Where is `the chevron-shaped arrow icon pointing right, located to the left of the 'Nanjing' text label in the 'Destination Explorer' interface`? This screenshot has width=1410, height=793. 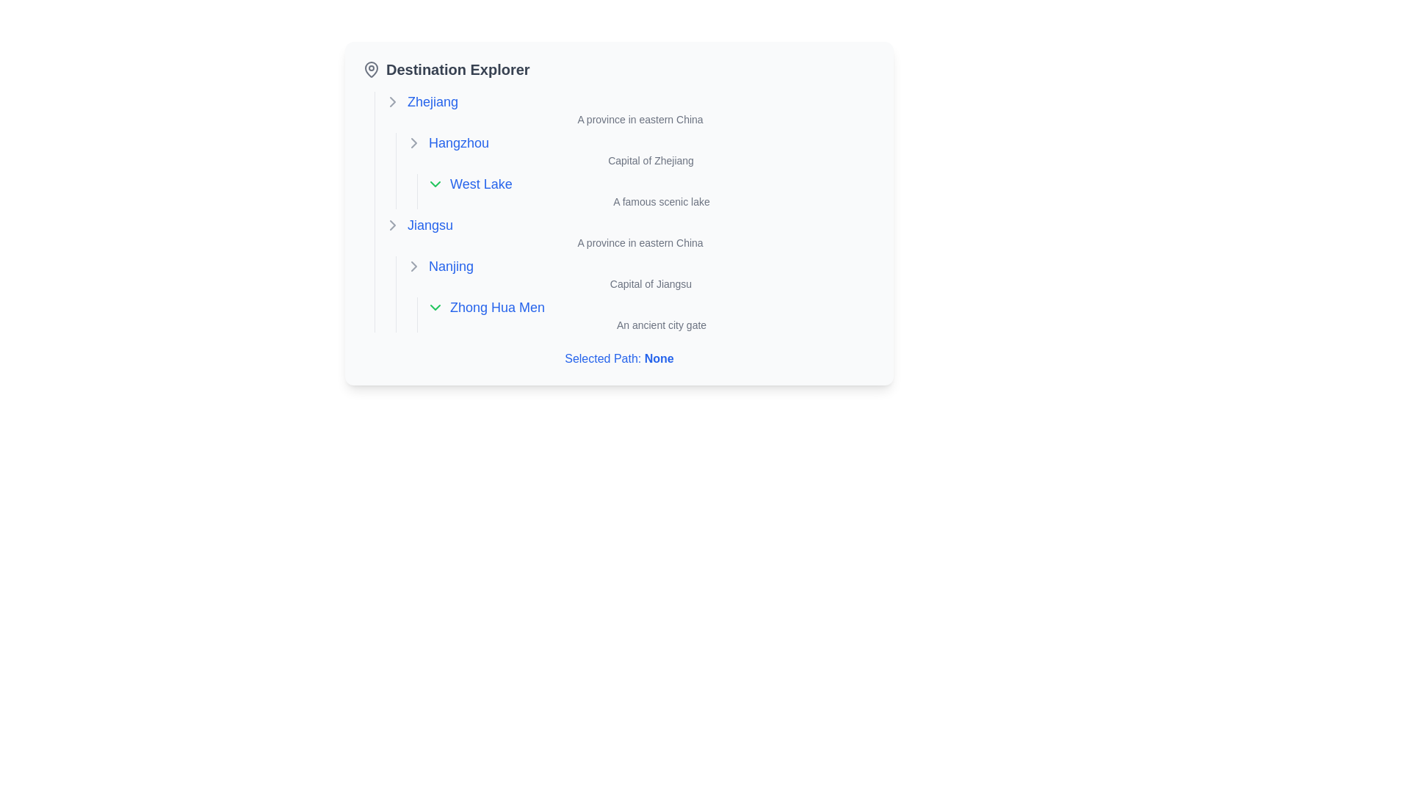
the chevron-shaped arrow icon pointing right, located to the left of the 'Nanjing' text label in the 'Destination Explorer' interface is located at coordinates (413, 266).